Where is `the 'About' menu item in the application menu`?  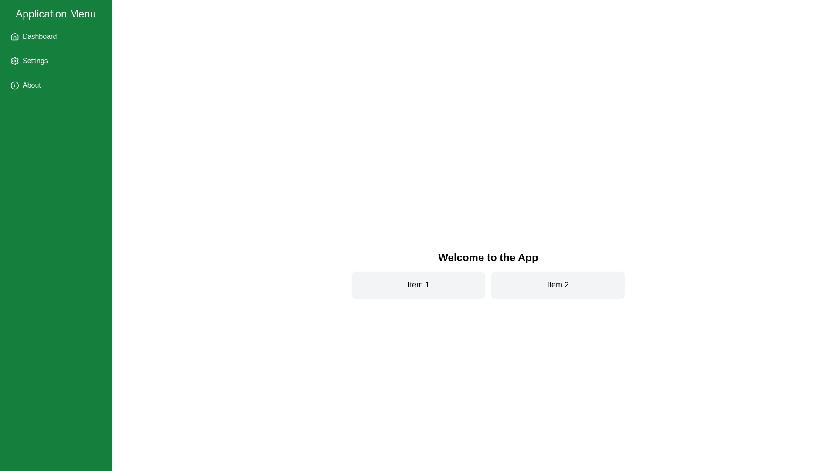 the 'About' menu item in the application menu is located at coordinates (55, 85).